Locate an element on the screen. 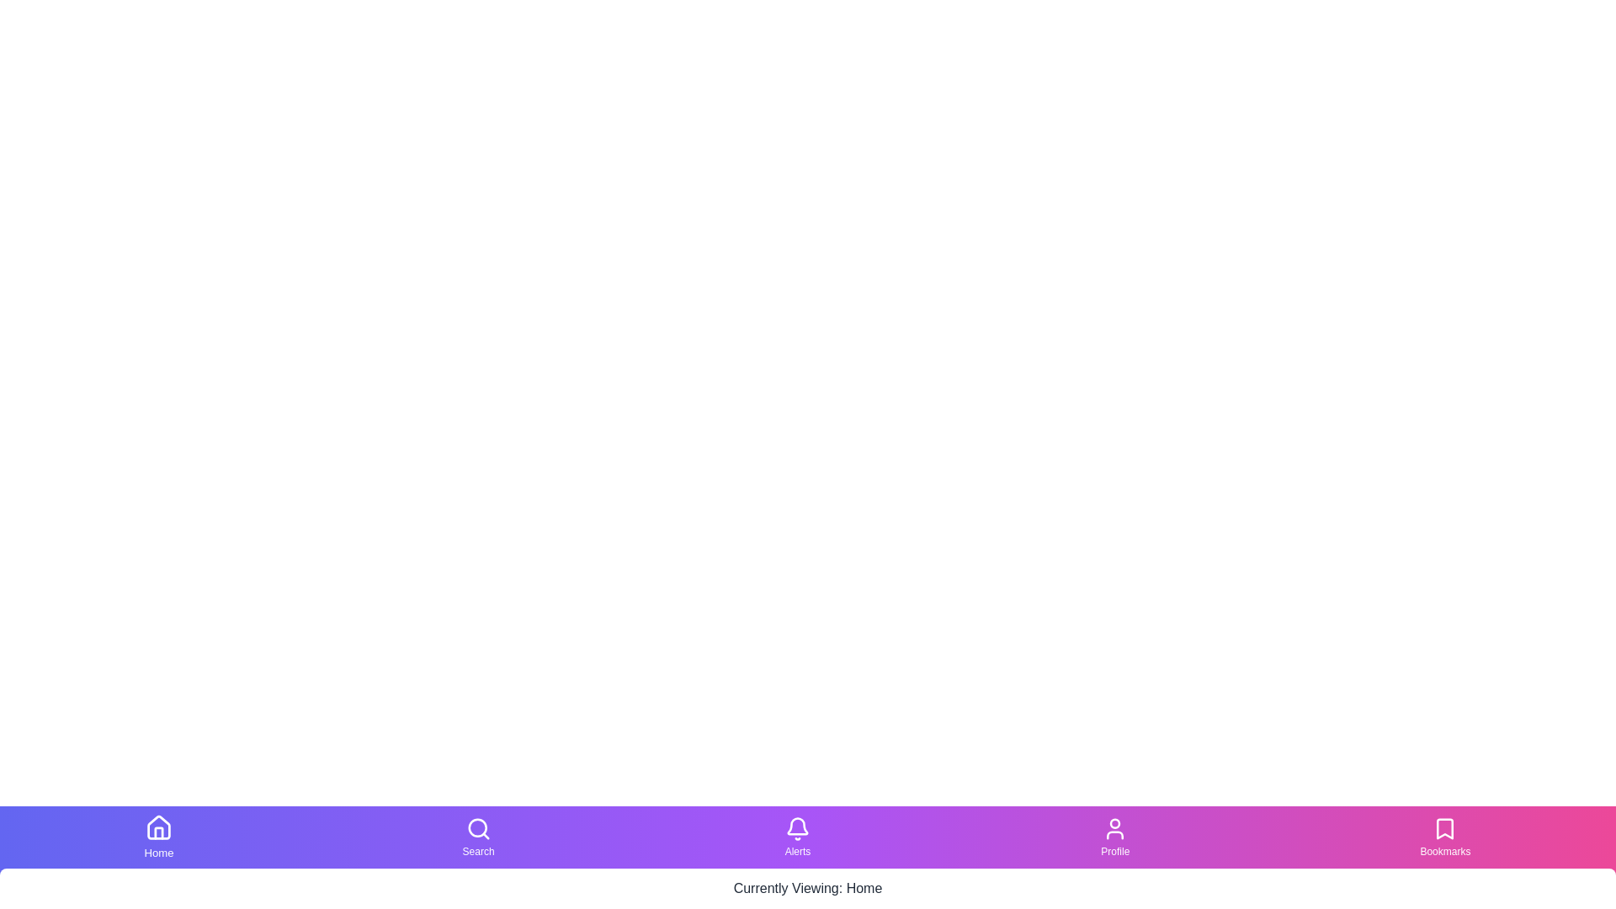 This screenshot has height=909, width=1616. the Search tab is located at coordinates (477, 837).